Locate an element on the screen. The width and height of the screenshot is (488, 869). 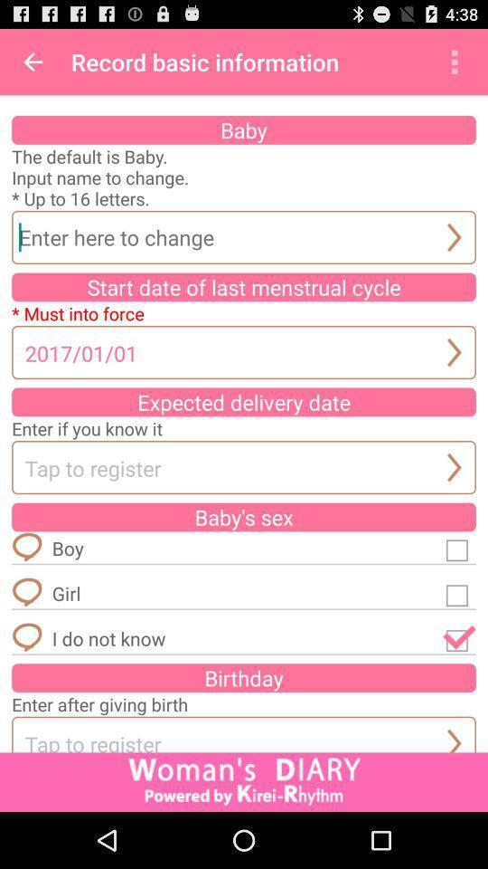
select/unselect box is located at coordinates (459, 638).